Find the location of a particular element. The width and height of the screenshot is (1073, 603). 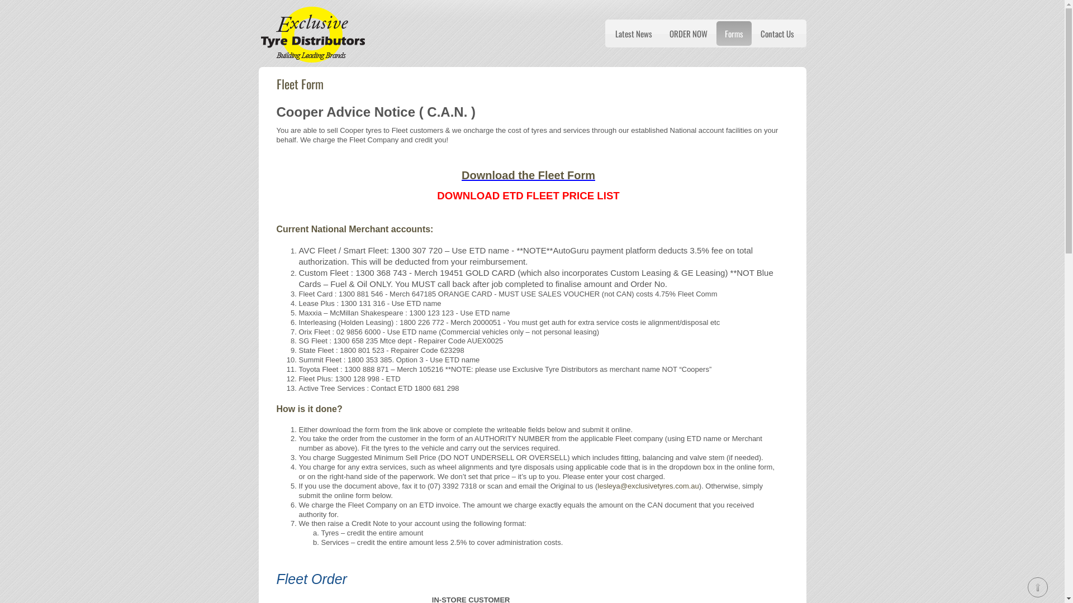

'lesleya@exclusivetyres.com.au' is located at coordinates (597, 485).